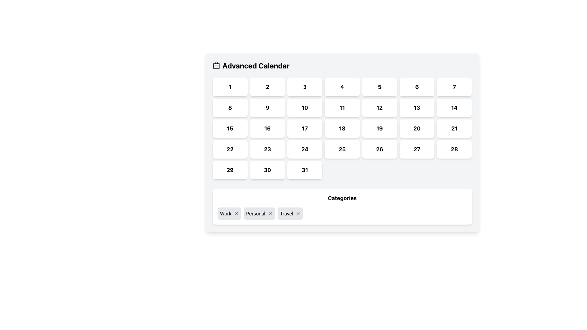 This screenshot has width=587, height=330. I want to click on the 'Work' category tag located at the bottom of the interface under the 'Categories' section, so click(225, 213).